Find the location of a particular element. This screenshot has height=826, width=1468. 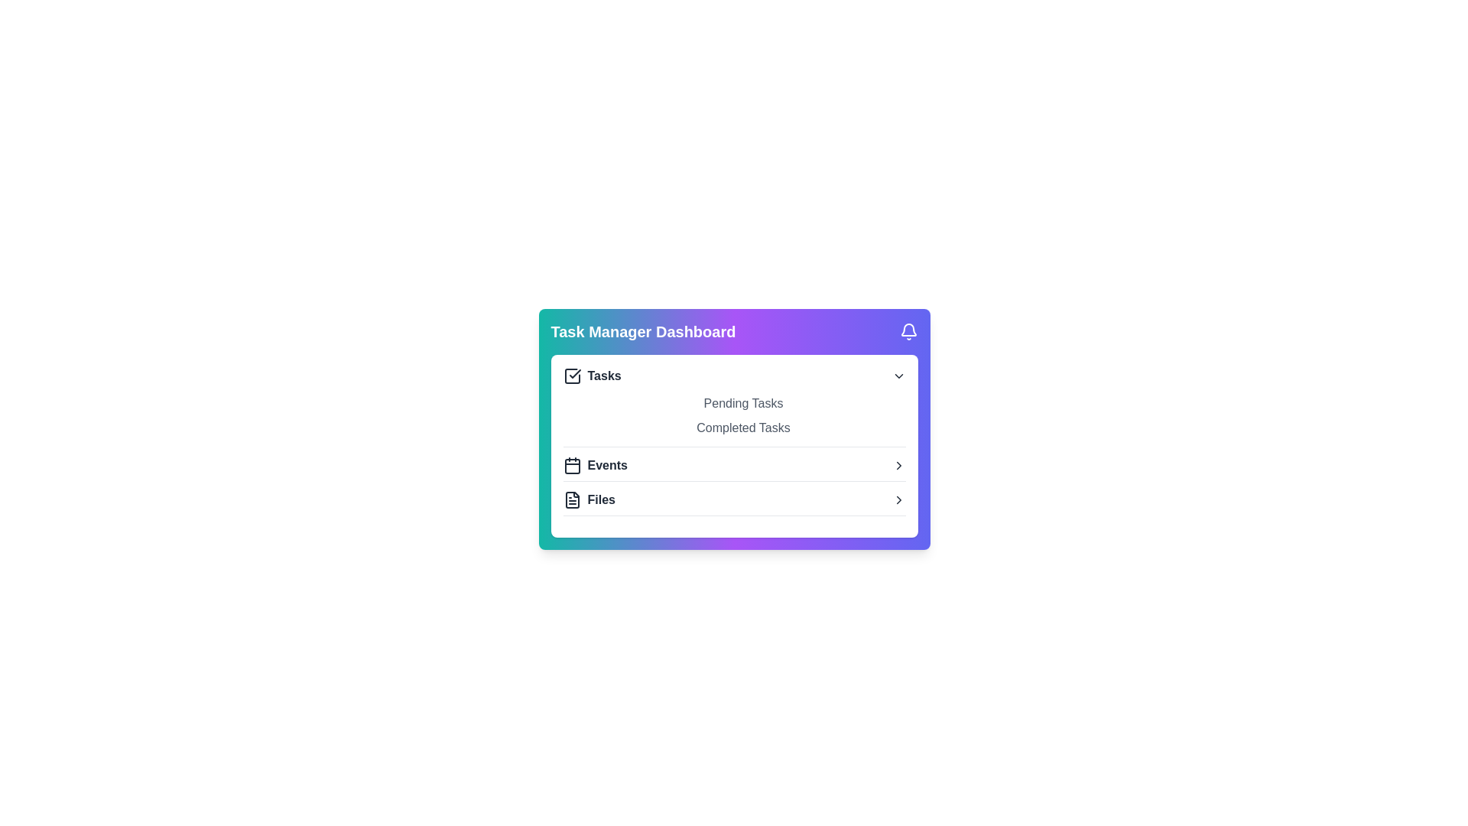

the clickable row labeled 'Files', which contains document and chevron icons is located at coordinates (734, 503).